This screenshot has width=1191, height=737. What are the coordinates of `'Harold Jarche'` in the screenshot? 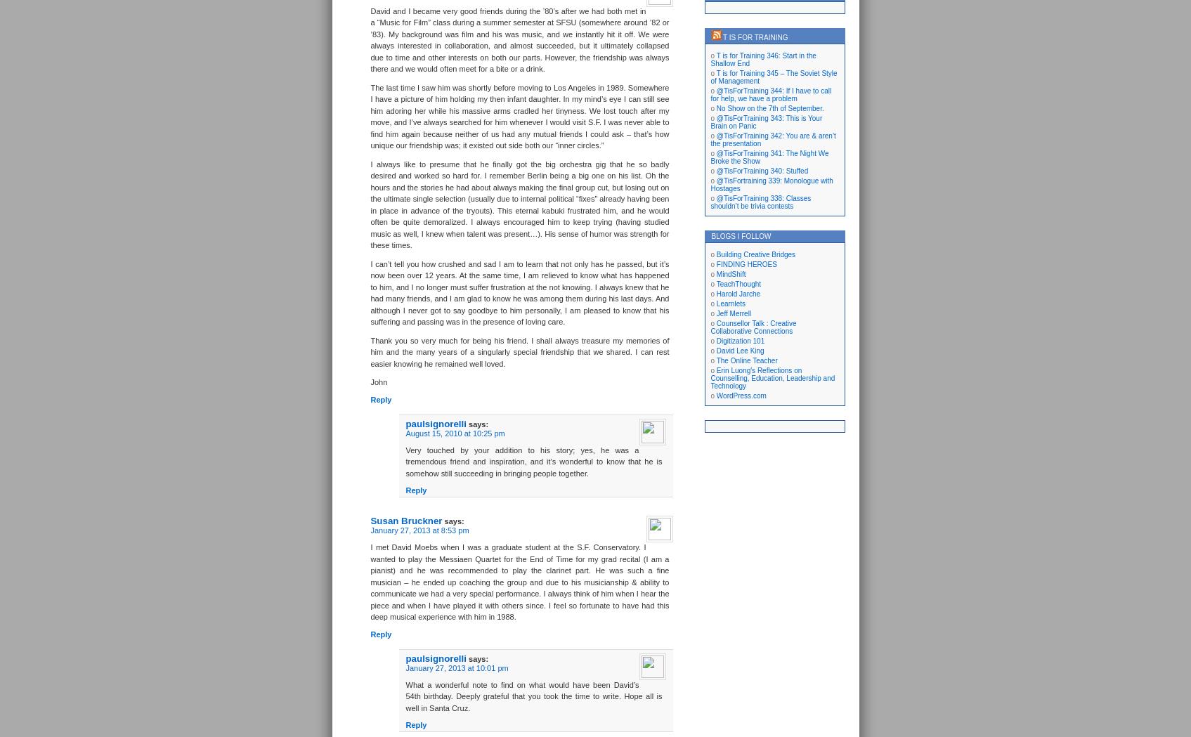 It's located at (738, 293).